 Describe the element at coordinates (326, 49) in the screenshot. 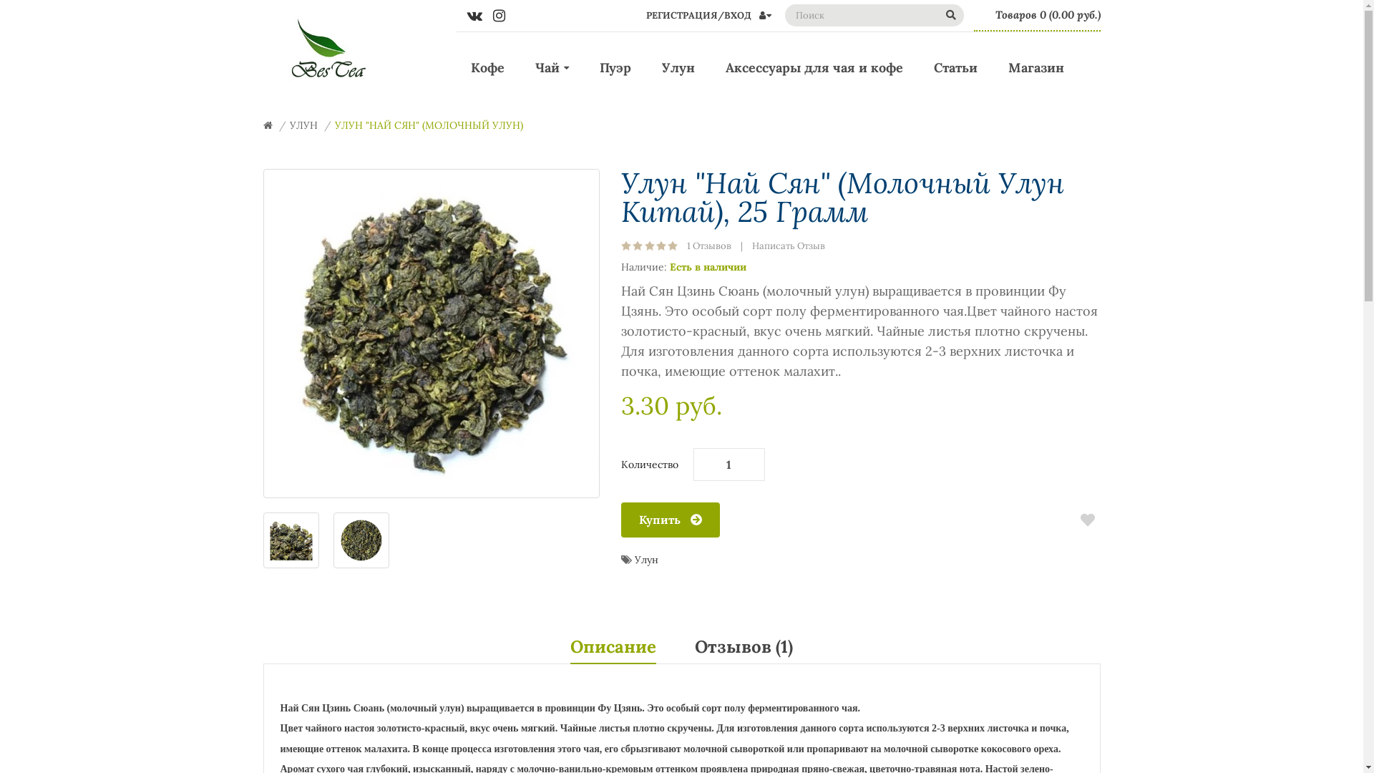

I see `'"BesTea" '` at that location.